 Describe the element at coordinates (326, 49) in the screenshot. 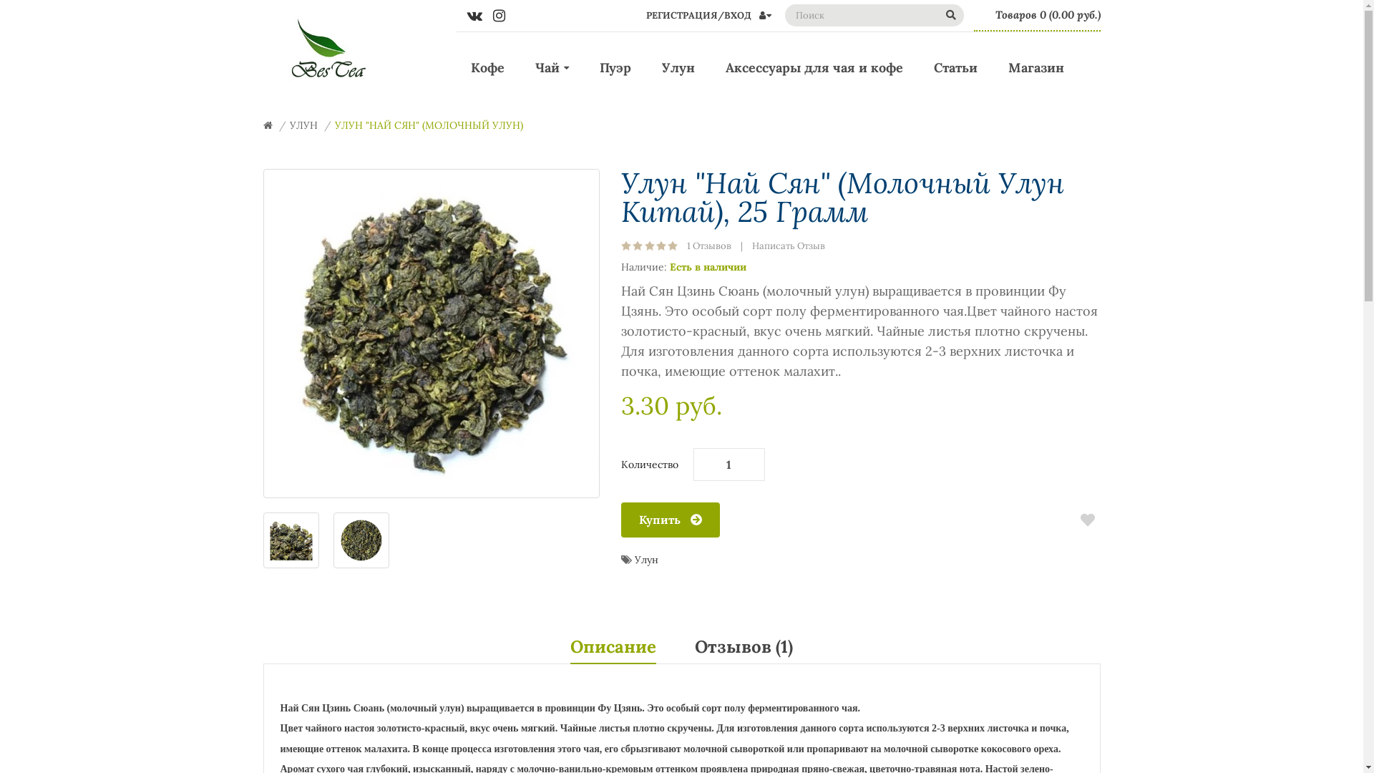

I see `'"BesTea" '` at that location.